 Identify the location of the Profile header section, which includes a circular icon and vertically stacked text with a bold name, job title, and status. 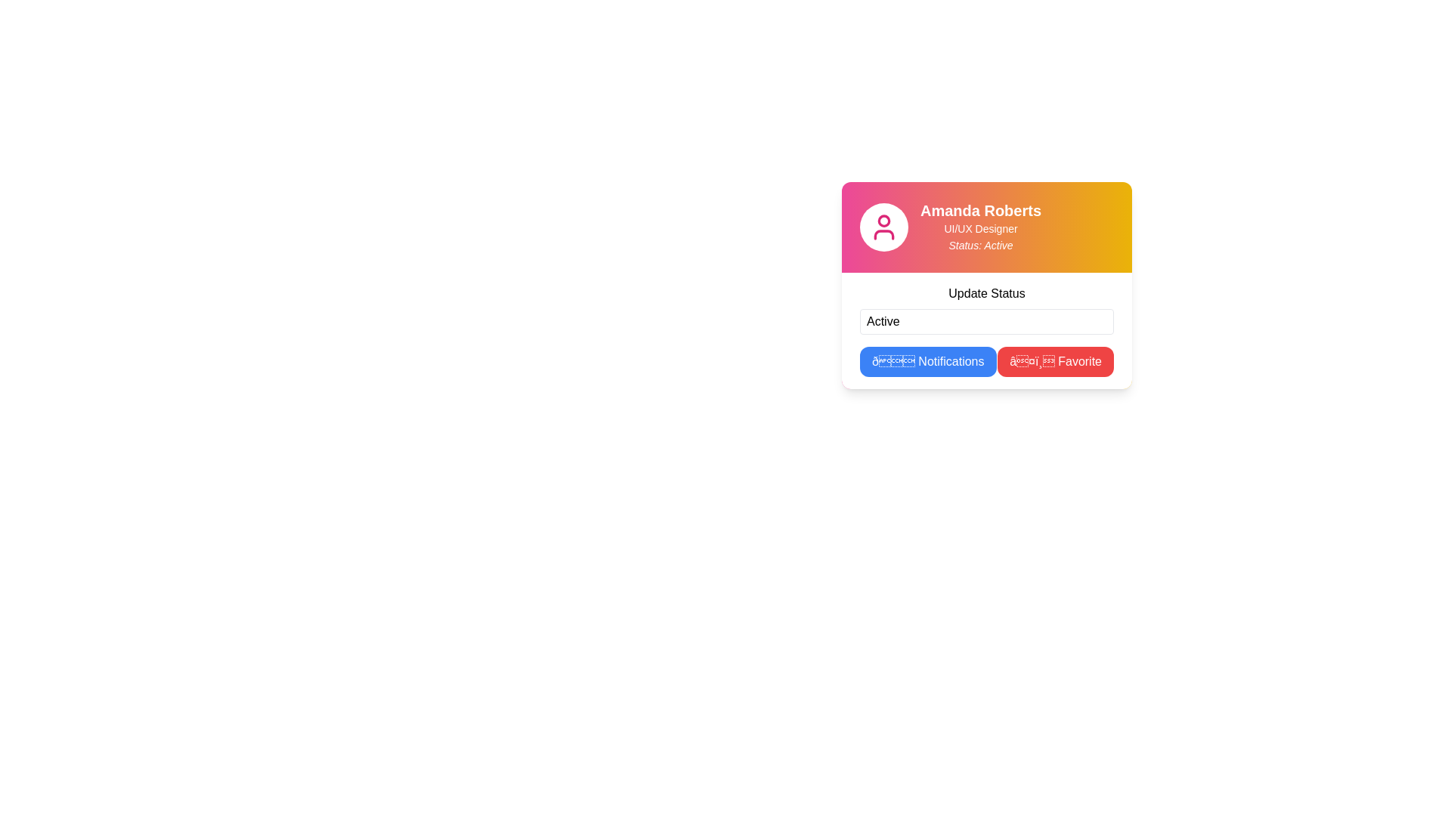
(986, 227).